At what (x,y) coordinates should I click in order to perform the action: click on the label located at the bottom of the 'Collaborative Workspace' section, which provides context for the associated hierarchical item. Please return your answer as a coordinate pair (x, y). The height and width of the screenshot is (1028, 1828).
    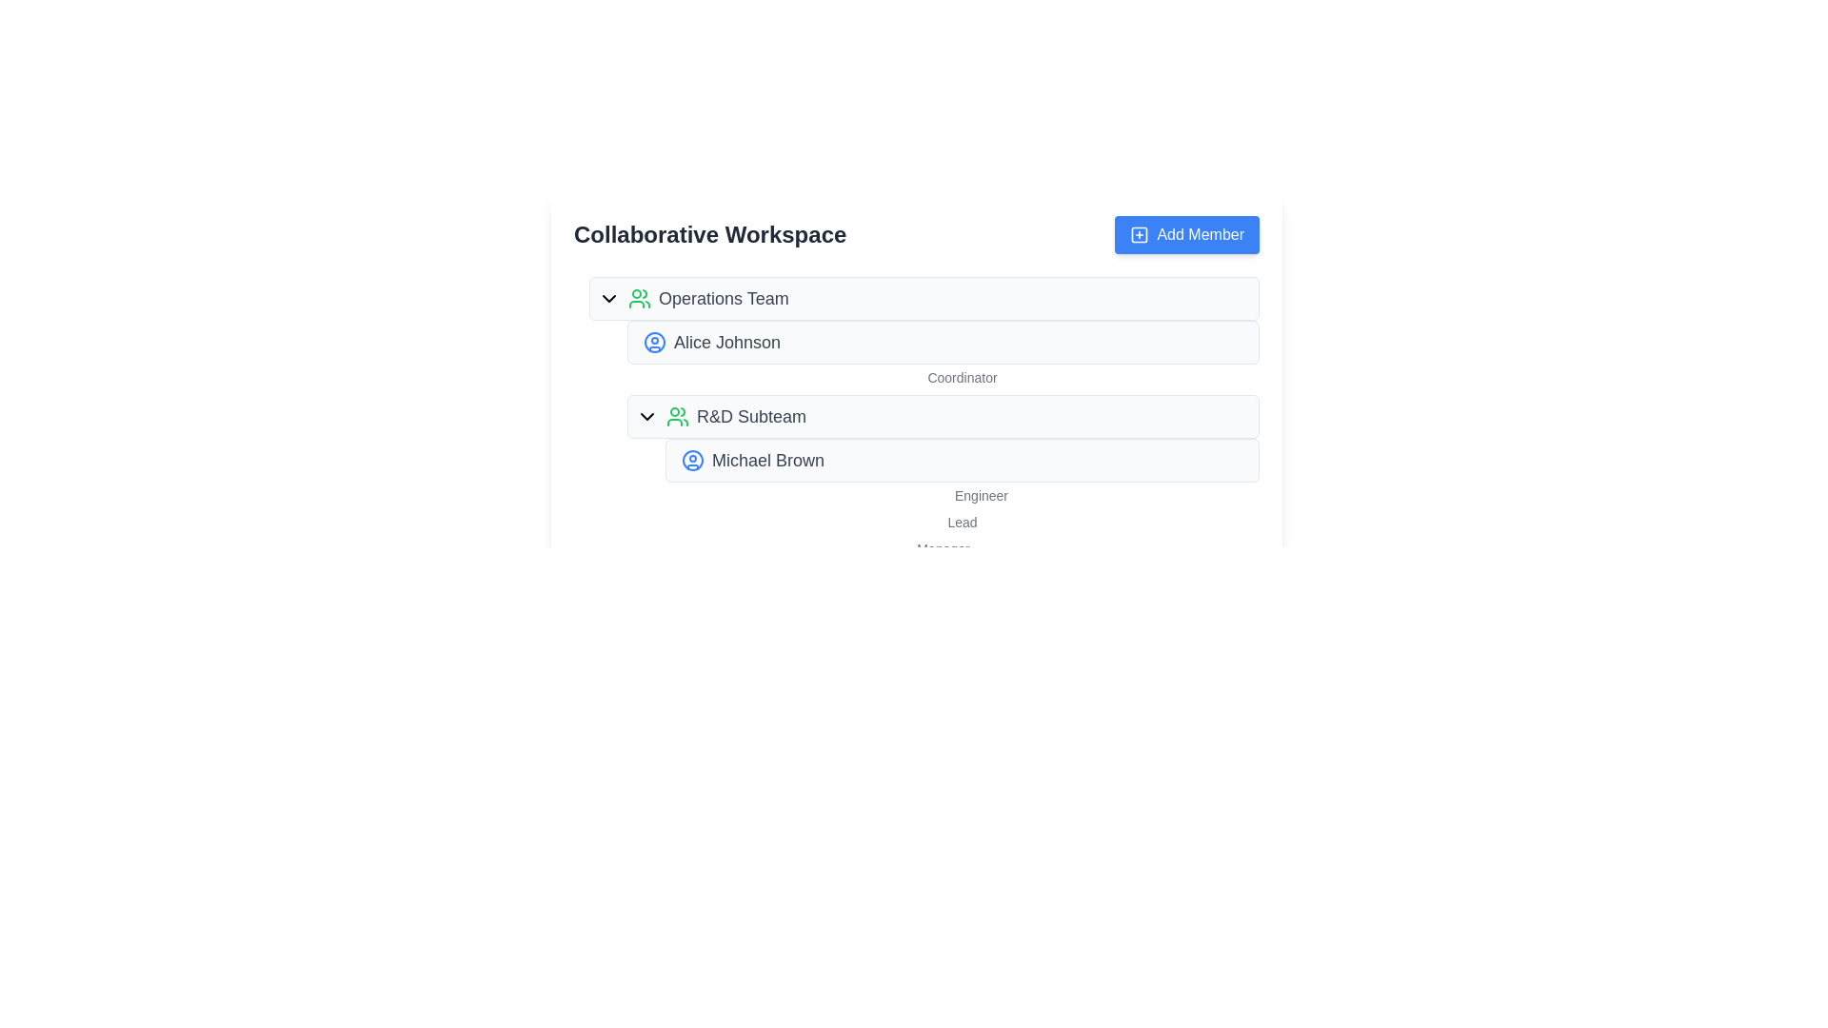
    Looking at the image, I should click on (943, 549).